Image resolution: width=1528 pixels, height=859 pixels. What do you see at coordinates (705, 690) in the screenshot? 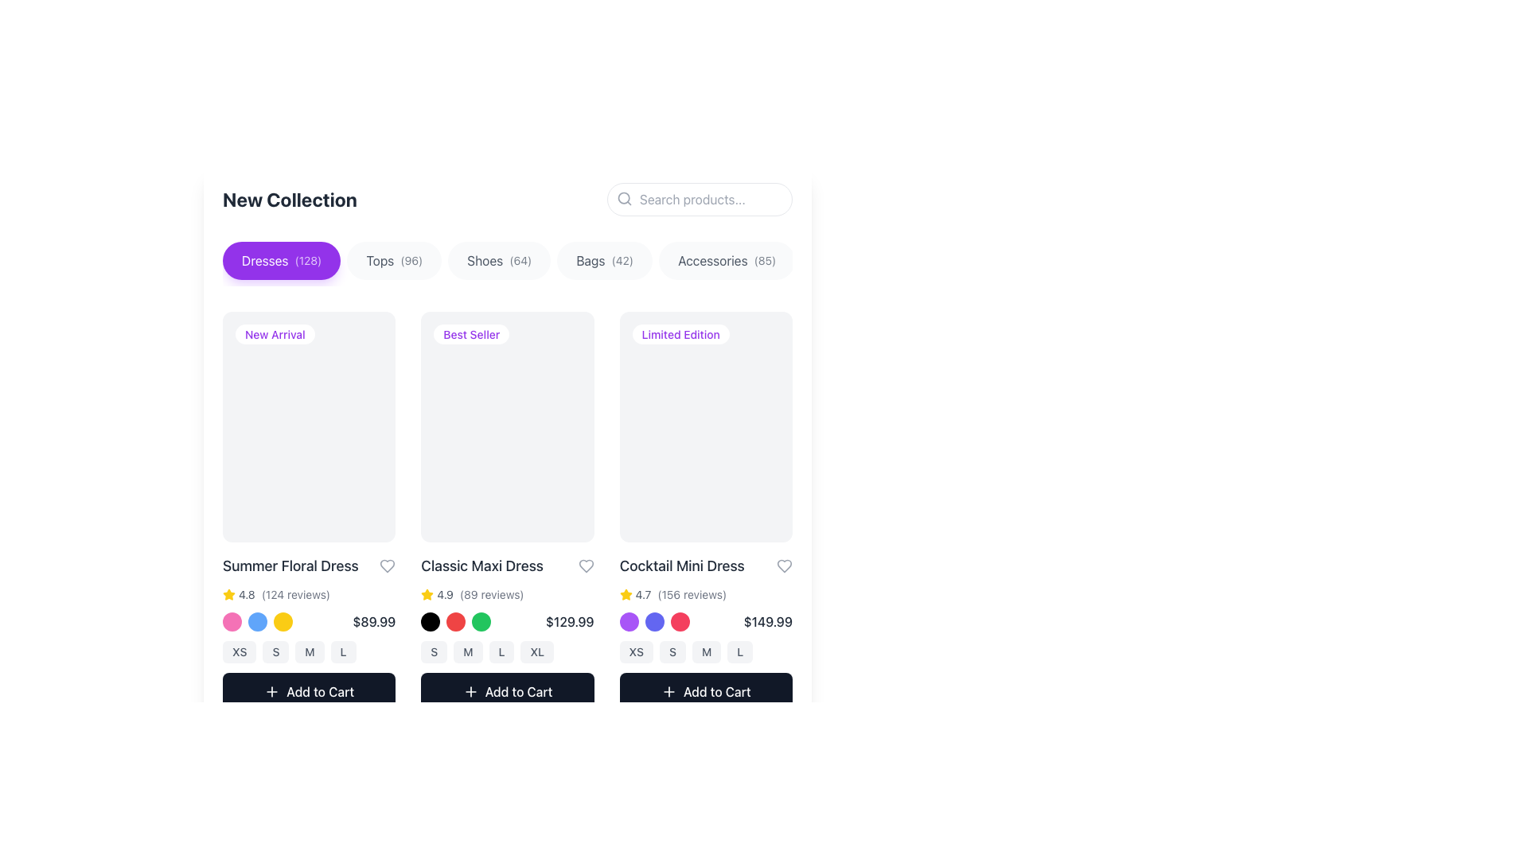
I see `the button to add the 'Cocktail Mini Dress' to the shopping cart, located at the bottom of the product card beneath the size selection buttons` at bounding box center [705, 690].